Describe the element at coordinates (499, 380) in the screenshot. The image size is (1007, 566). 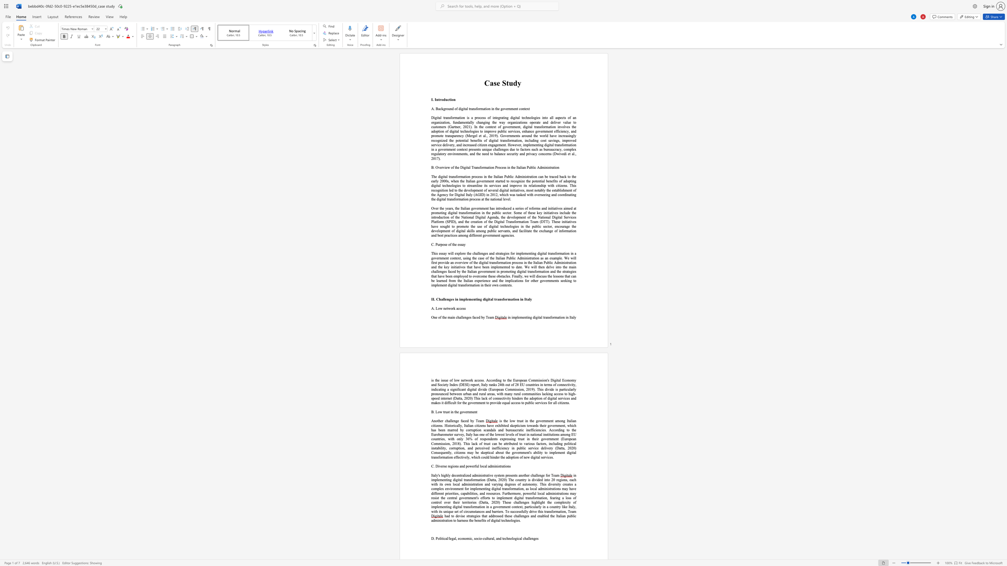
I see `the subset text "g to the European Commission" within the text "is the issue of low network access. According to the European Commission"` at that location.